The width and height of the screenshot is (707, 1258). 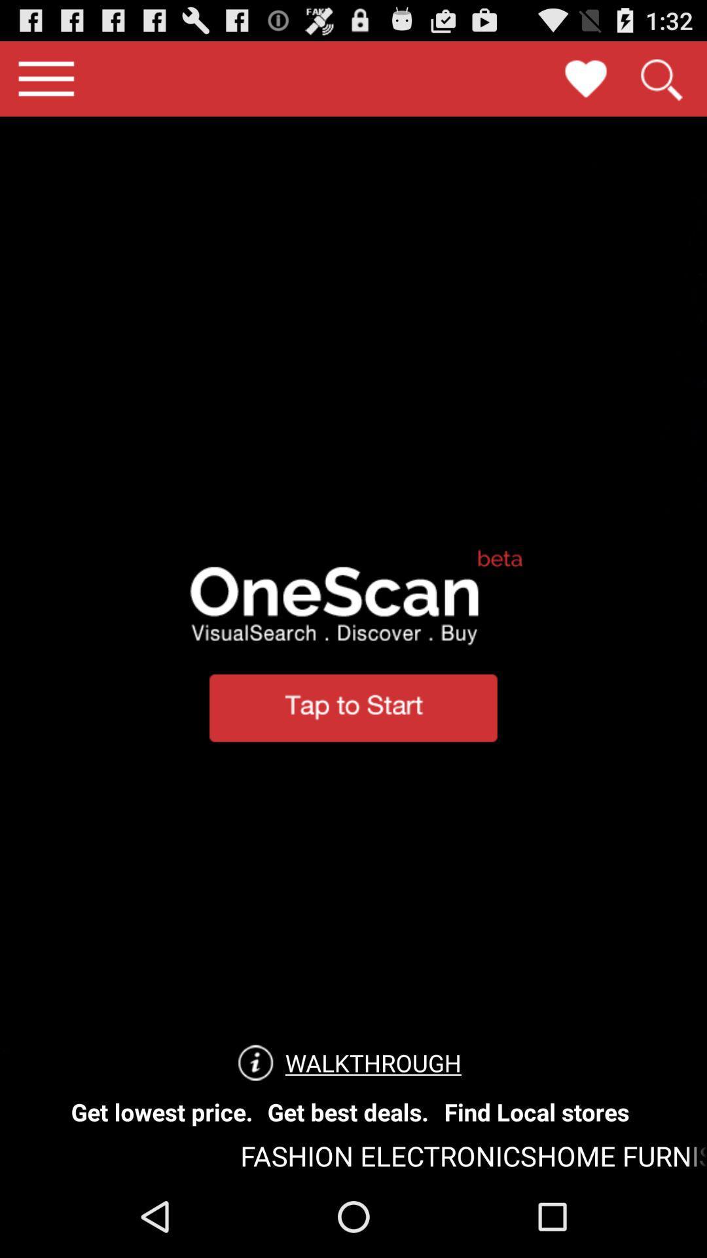 What do you see at coordinates (661, 78) in the screenshot?
I see `search` at bounding box center [661, 78].